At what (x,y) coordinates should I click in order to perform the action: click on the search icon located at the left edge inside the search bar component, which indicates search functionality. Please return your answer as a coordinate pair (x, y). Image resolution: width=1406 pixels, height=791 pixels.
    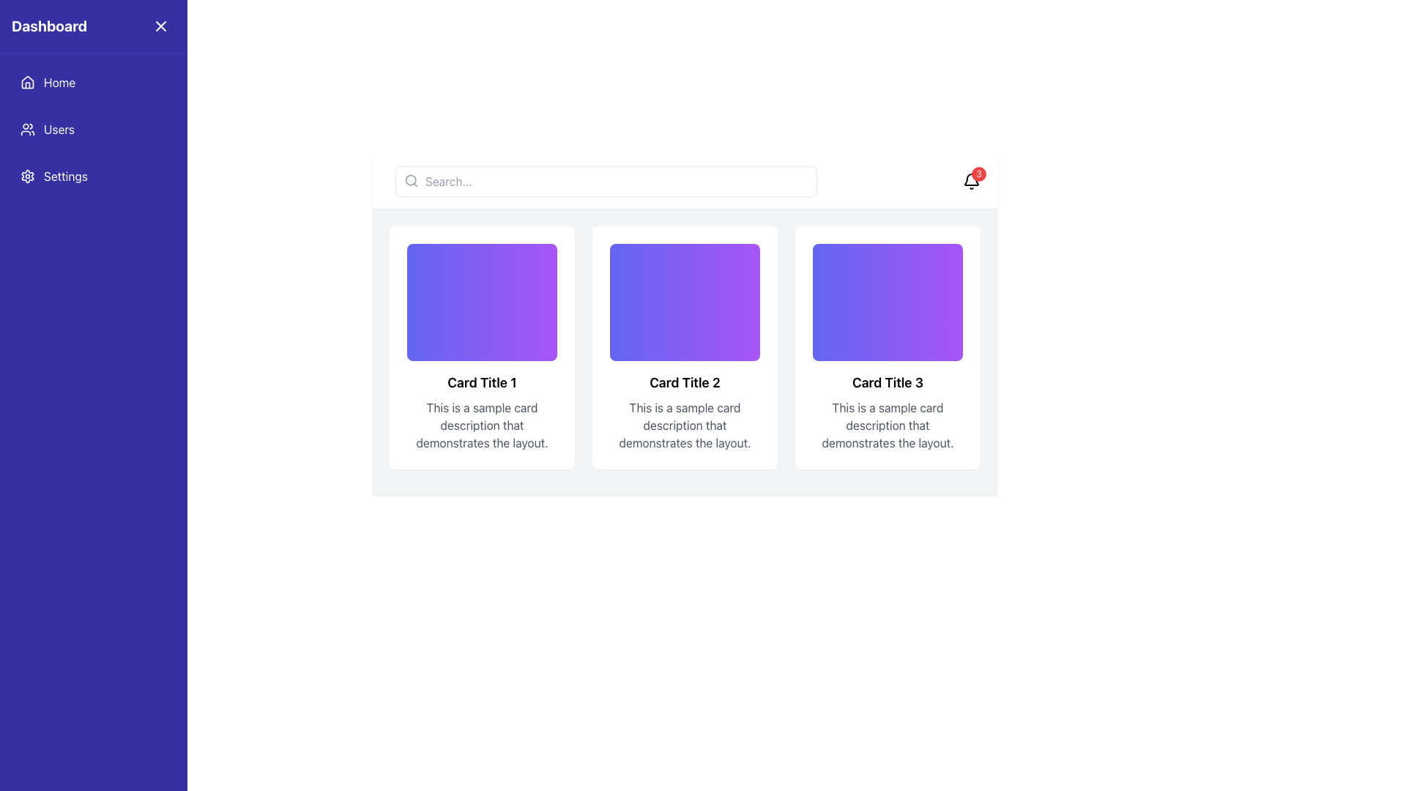
    Looking at the image, I should click on (410, 179).